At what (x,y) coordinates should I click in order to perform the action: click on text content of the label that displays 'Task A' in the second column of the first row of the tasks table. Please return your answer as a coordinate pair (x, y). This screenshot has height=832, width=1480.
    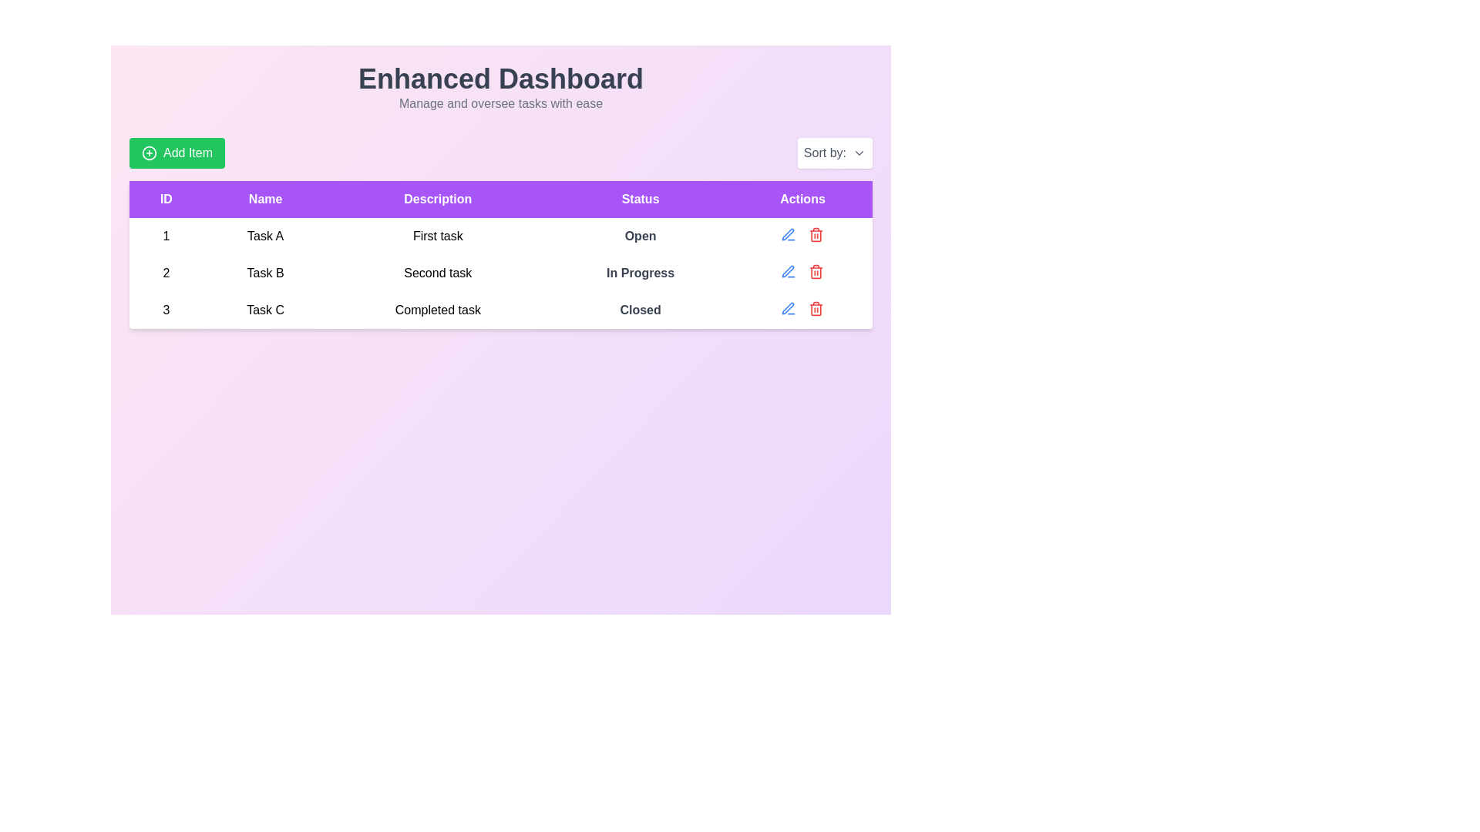
    Looking at the image, I should click on (265, 237).